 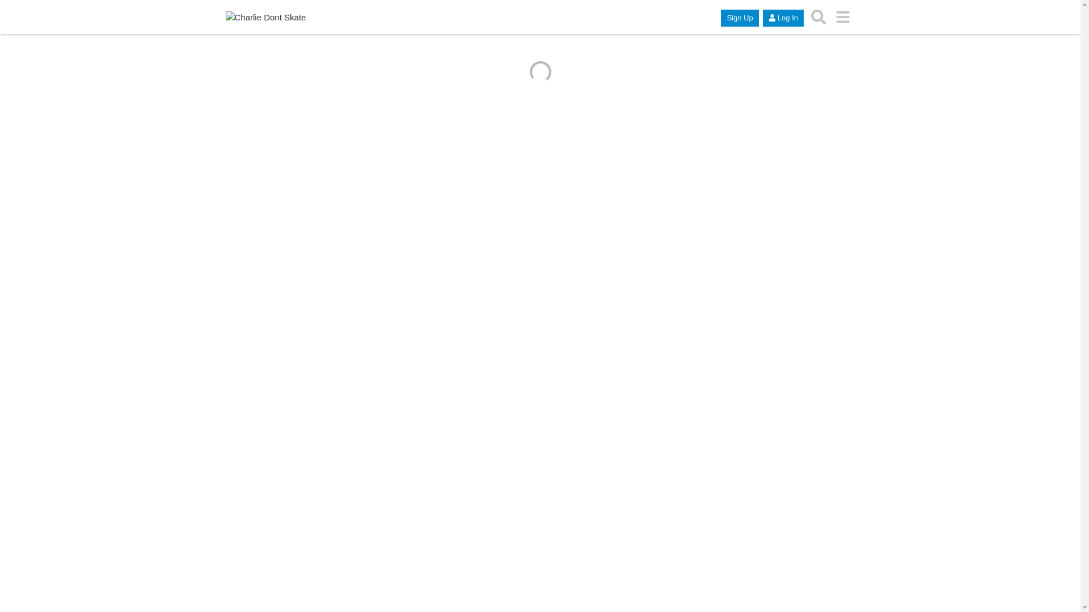 What do you see at coordinates (830, 17) in the screenshot?
I see `'go to another topic list or category'` at bounding box center [830, 17].